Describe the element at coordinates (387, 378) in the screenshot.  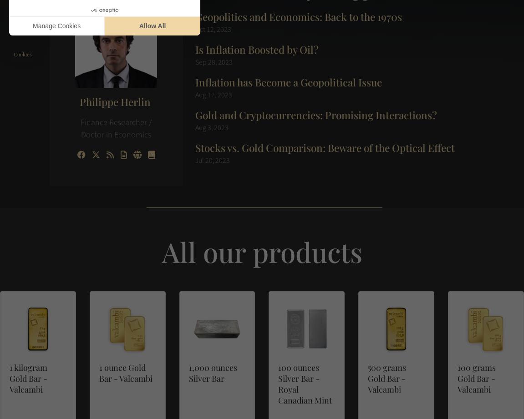
I see `'500 grams  Gold Bar - Valcambi'` at that location.